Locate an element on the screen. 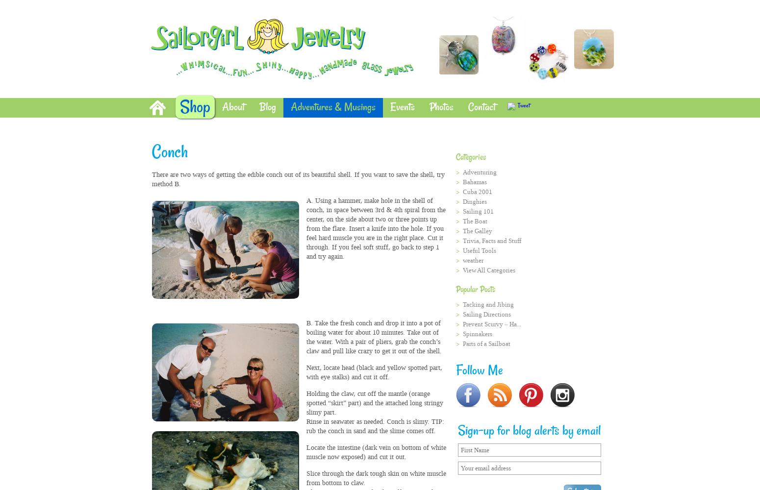  'Holding the claw, cut off the mantle (orange spotted “skirt” part) and the attached long stringy slimy part.' is located at coordinates (375, 402).